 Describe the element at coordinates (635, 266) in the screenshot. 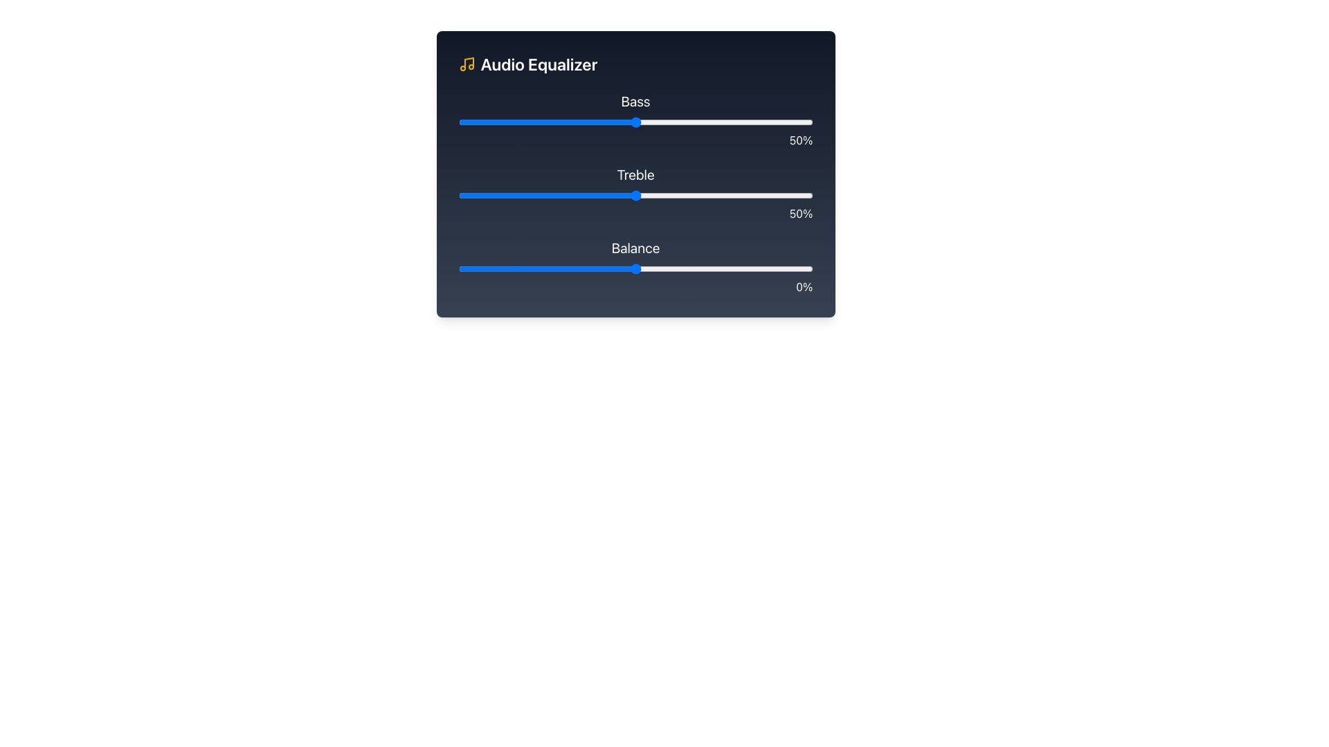

I see `the numerical indicator displaying '0%' to the right of the 'Balance' slider` at that location.